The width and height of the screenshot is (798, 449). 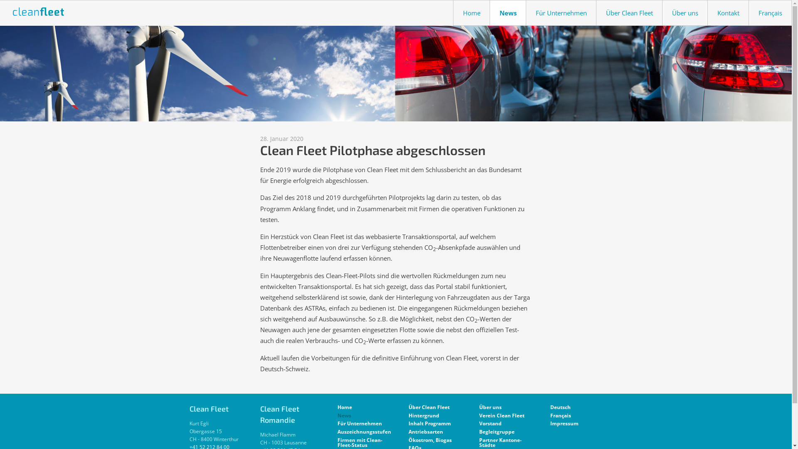 What do you see at coordinates (431, 431) in the screenshot?
I see `'Antriebsarten'` at bounding box center [431, 431].